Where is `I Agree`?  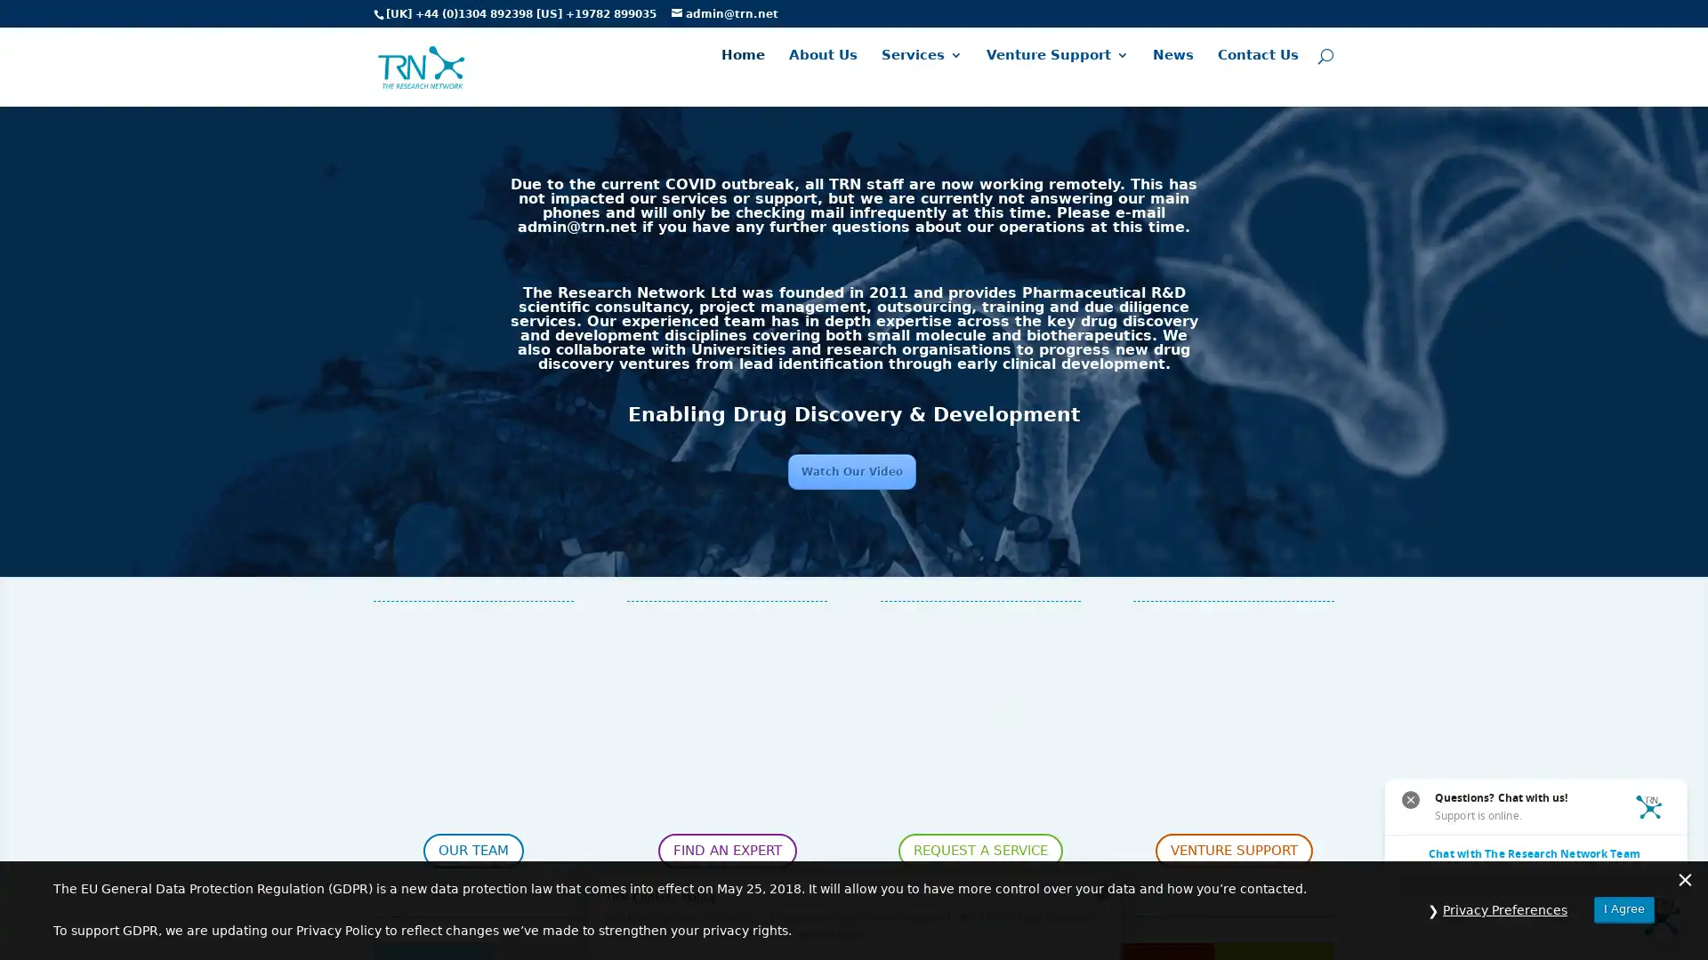 I Agree is located at coordinates (1623, 908).